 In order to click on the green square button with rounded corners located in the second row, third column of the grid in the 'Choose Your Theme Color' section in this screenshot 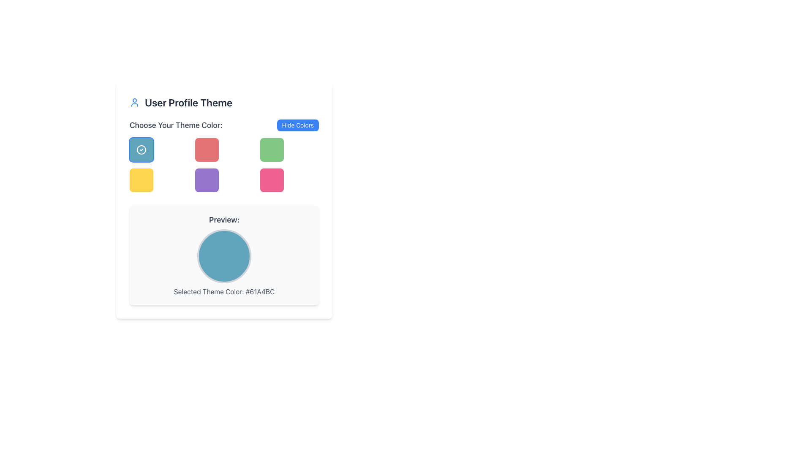, I will do `click(272, 149)`.